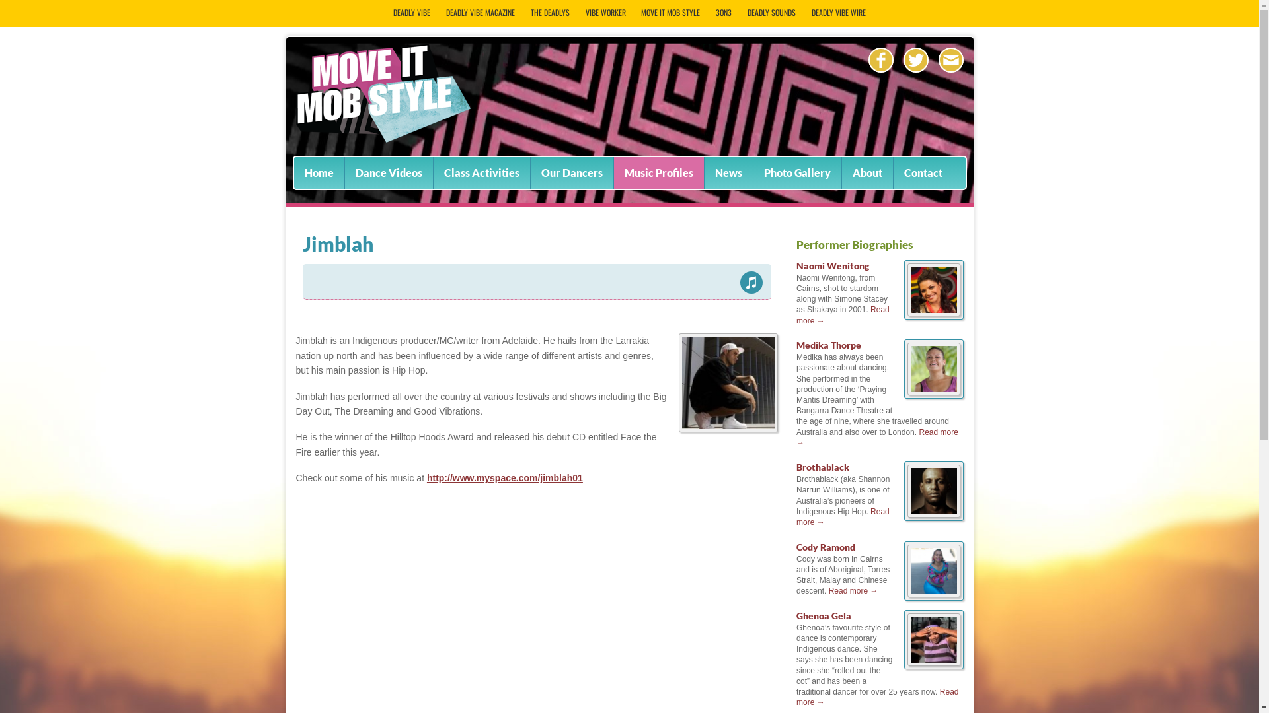 This screenshot has width=1269, height=713. What do you see at coordinates (658, 172) in the screenshot?
I see `'Music Profiles'` at bounding box center [658, 172].